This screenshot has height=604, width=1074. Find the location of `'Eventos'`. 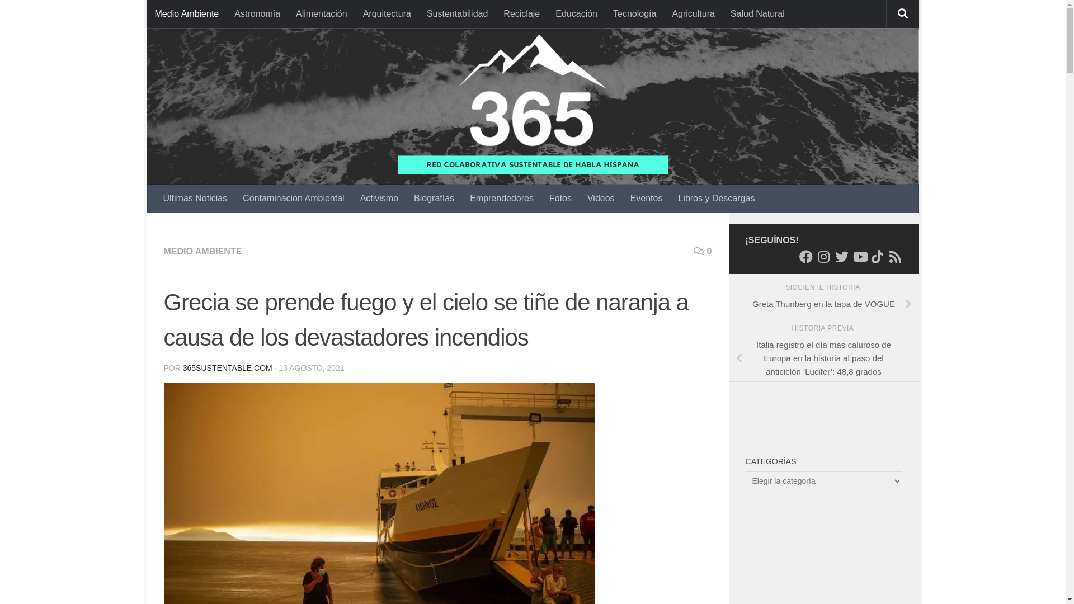

'Eventos' is located at coordinates (647, 197).